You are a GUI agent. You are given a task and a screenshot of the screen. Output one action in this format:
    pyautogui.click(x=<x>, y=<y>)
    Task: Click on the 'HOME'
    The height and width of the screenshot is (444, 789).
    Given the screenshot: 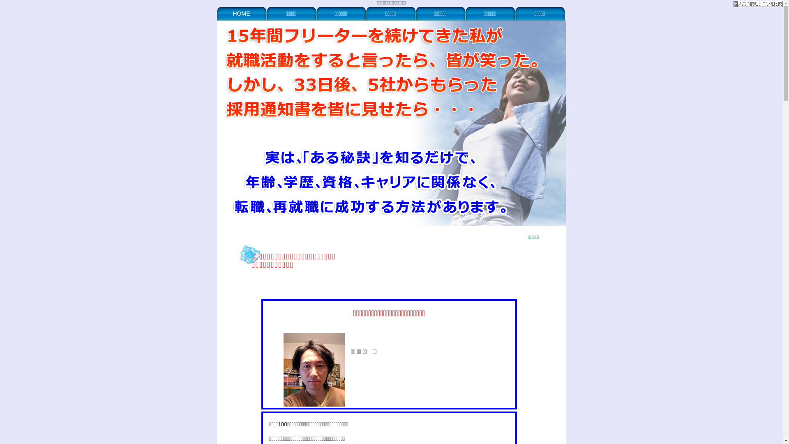 What is the action you would take?
    pyautogui.click(x=241, y=13)
    